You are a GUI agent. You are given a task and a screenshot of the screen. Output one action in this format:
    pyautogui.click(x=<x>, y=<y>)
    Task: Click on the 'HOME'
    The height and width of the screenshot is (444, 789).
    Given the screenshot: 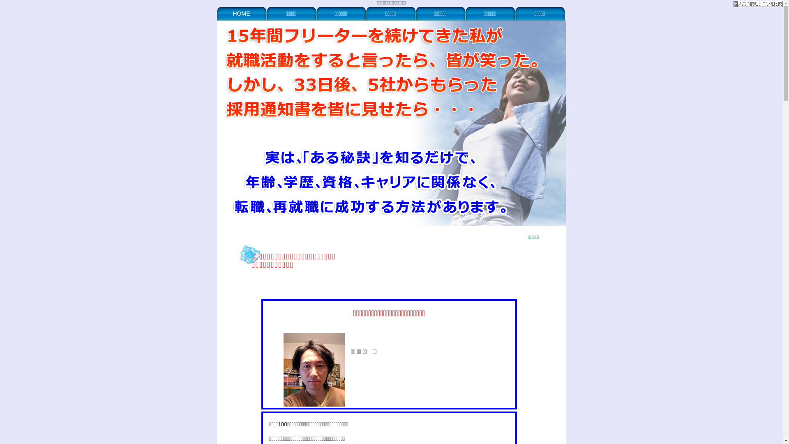 What is the action you would take?
    pyautogui.click(x=241, y=13)
    